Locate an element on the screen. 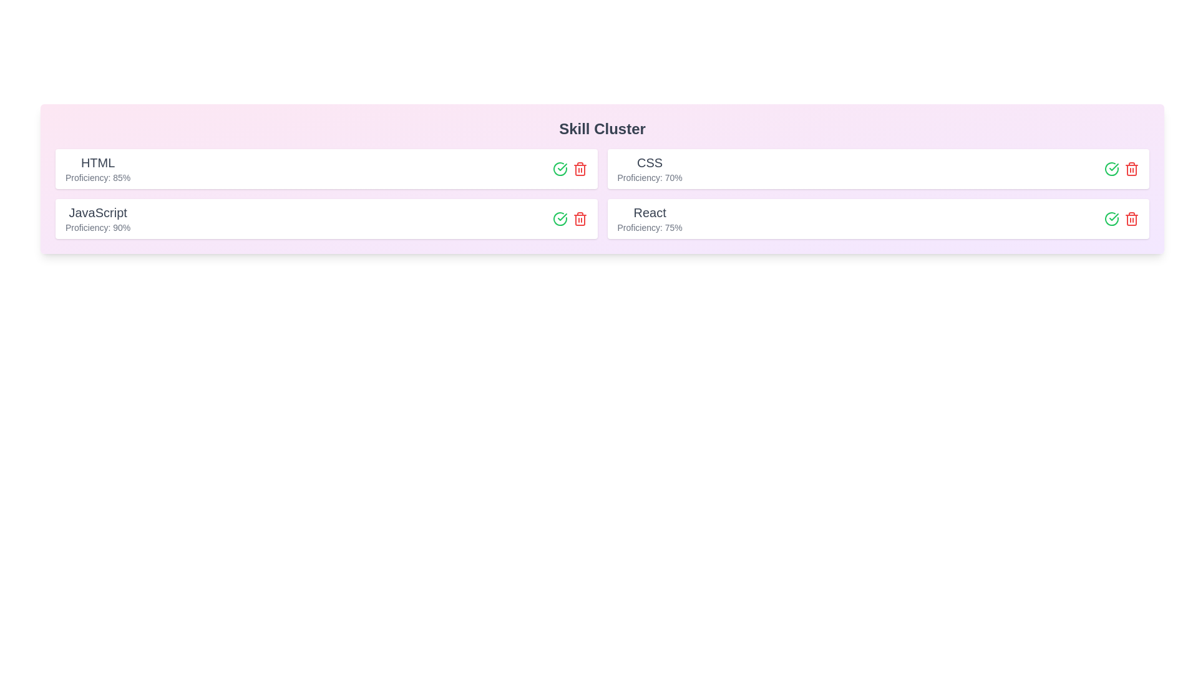 The width and height of the screenshot is (1198, 674). the skill chip for JavaScript is located at coordinates (326, 218).